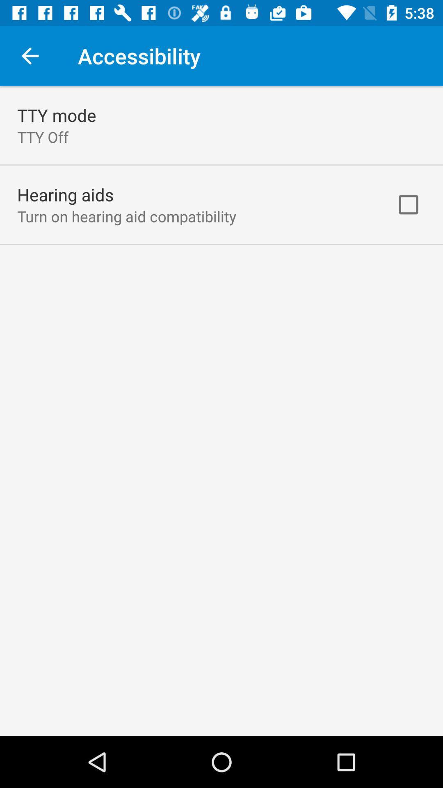 This screenshot has width=443, height=788. What do you see at coordinates (408, 204) in the screenshot?
I see `the checkbox at the top right corner` at bounding box center [408, 204].